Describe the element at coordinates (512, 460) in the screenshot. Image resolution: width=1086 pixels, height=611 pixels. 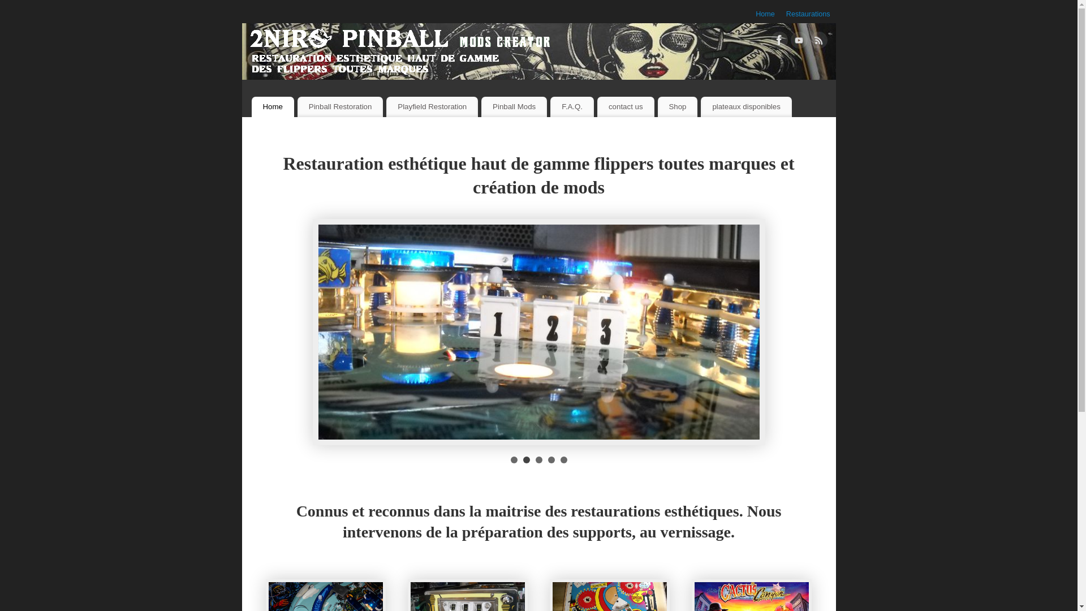
I see `'1'` at that location.